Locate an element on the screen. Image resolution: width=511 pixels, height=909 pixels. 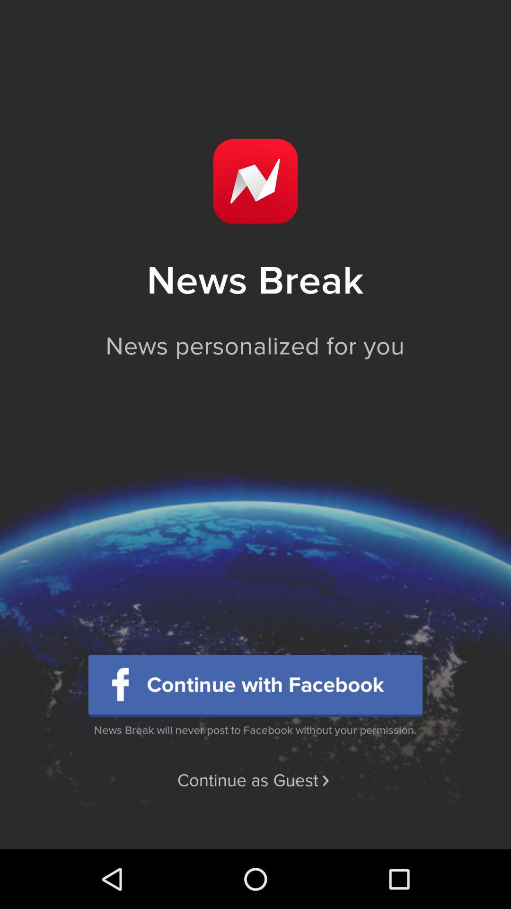
item below news break will item is located at coordinates (255, 781).